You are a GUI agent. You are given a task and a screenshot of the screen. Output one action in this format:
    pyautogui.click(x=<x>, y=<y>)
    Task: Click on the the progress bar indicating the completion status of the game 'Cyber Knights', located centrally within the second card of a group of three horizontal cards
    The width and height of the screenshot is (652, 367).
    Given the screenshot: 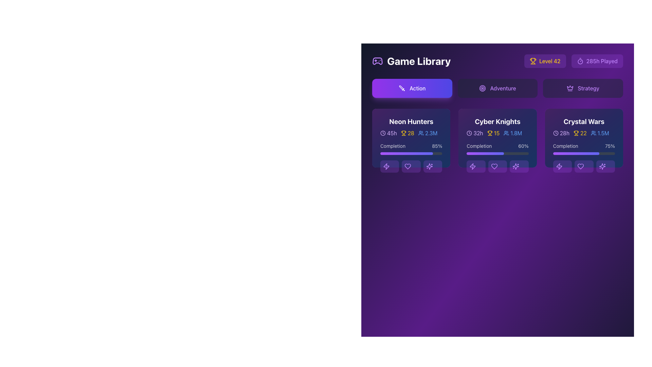 What is the action you would take?
    pyautogui.click(x=497, y=148)
    